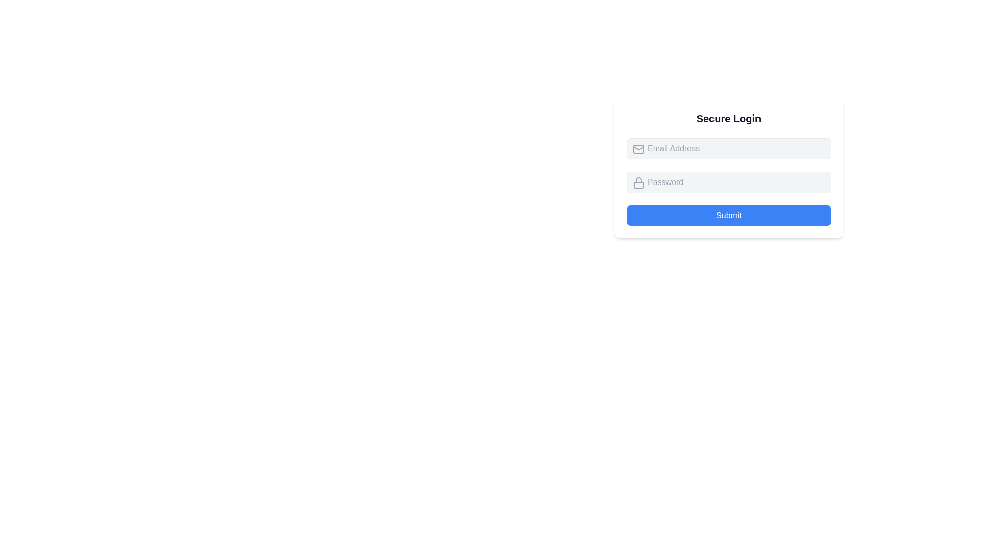 This screenshot has height=552, width=982. What do you see at coordinates (638, 149) in the screenshot?
I see `the SVG icon representing an envelope, which is styled with a gray stroke color and positioned to the left of the 'Email Address' input field` at bounding box center [638, 149].